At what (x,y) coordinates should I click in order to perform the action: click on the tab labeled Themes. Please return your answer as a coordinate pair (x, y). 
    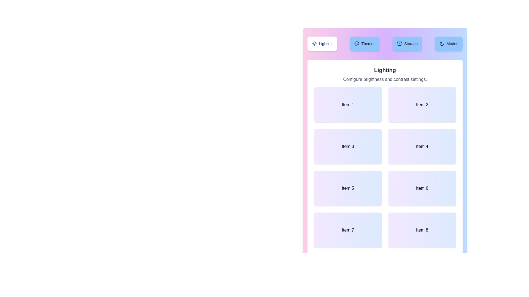
    Looking at the image, I should click on (365, 43).